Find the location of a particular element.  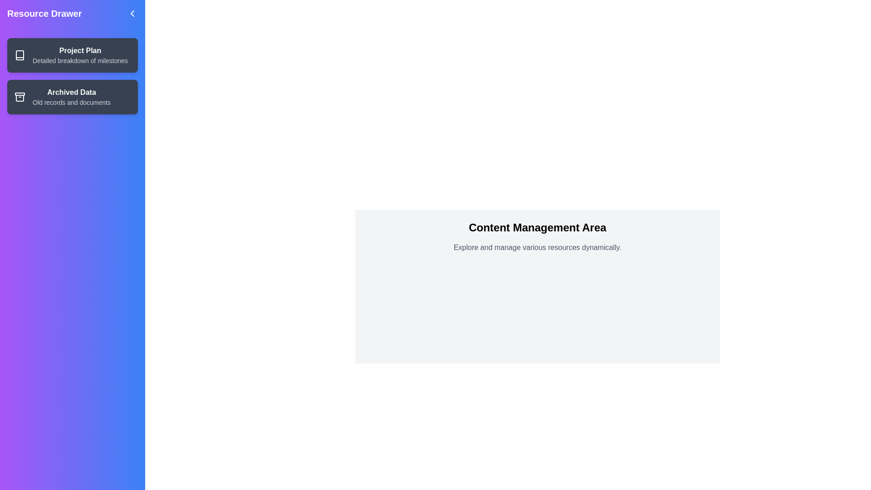

arrow button to toggle the drawer is located at coordinates (132, 14).